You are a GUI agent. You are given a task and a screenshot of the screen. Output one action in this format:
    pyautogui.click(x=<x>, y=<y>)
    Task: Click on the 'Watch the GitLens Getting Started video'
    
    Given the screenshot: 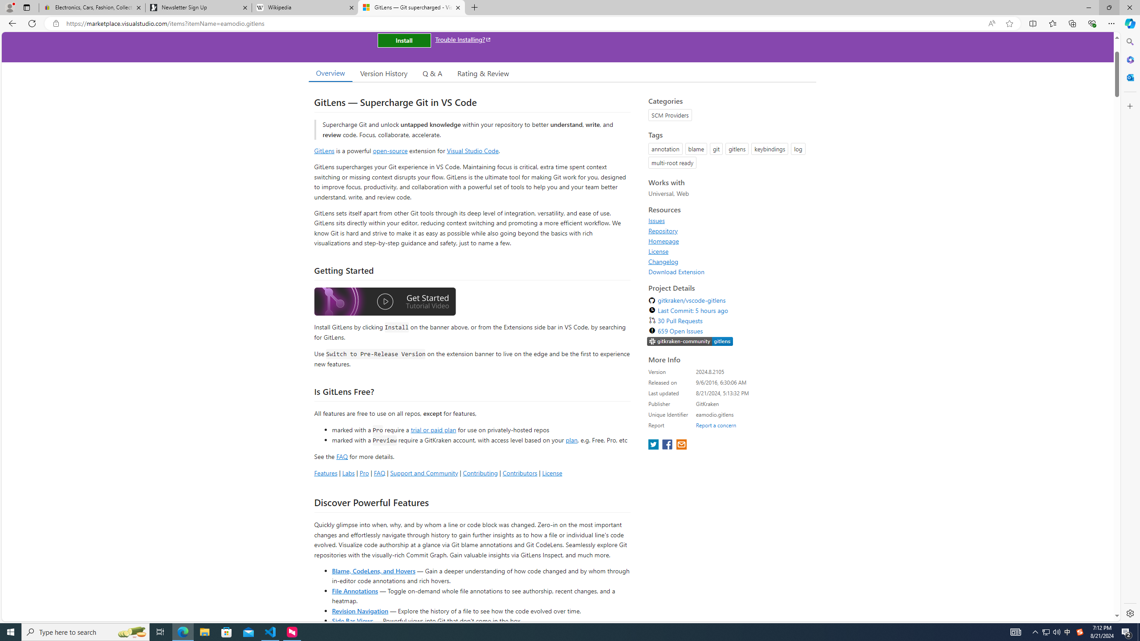 What is the action you would take?
    pyautogui.click(x=385, y=301)
    